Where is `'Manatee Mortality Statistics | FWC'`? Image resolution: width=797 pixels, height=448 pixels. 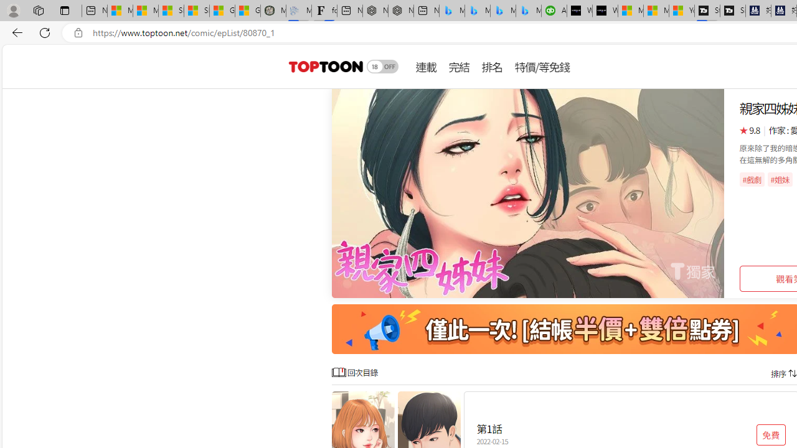
'Manatee Mortality Statistics | FWC' is located at coordinates (273, 11).